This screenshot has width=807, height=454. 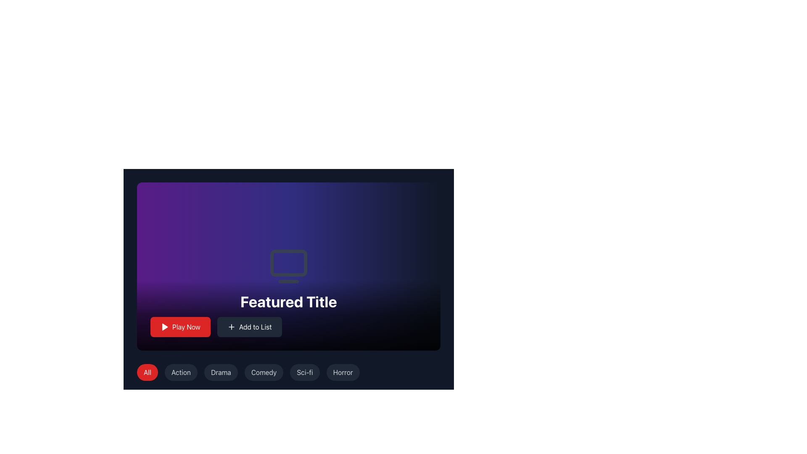 What do you see at coordinates (165, 327) in the screenshot?
I see `the Play Button, which is a rightward-pointing triangle icon associated with the 'Play Now' button located below the central featured image` at bounding box center [165, 327].